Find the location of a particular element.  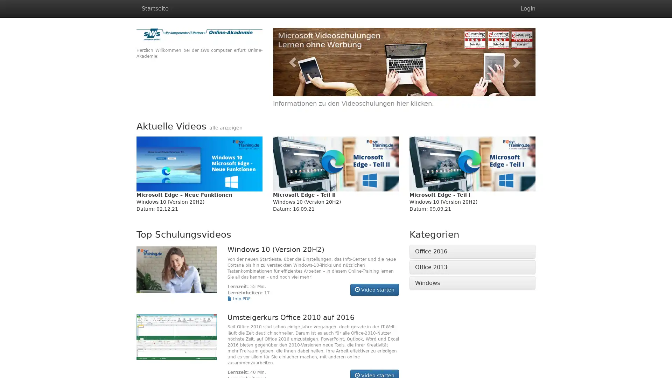

Windows is located at coordinates (427, 282).